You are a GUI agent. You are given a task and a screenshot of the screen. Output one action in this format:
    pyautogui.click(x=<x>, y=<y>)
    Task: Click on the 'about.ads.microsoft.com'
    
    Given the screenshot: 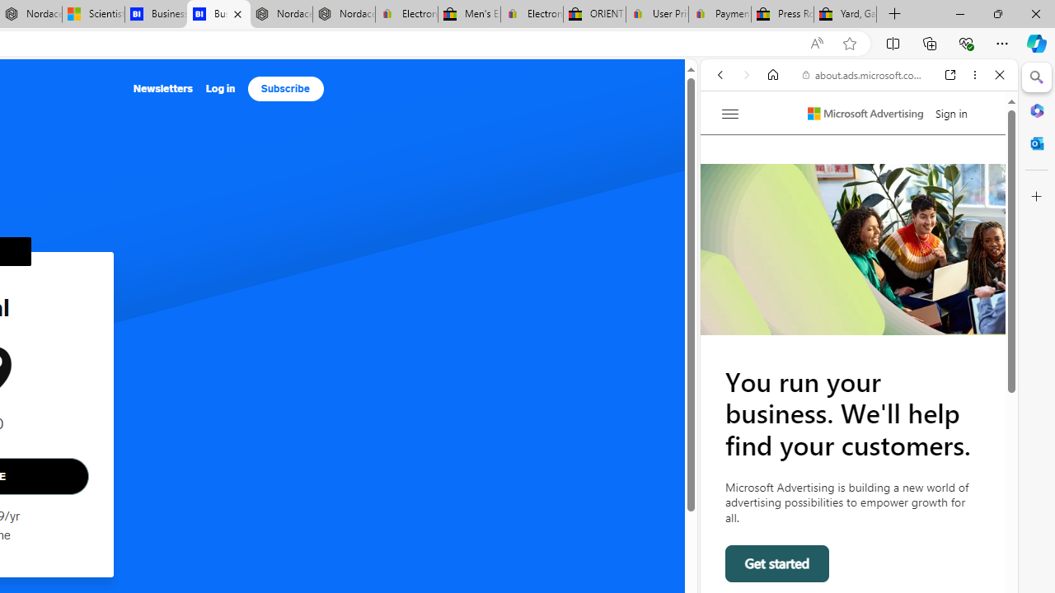 What is the action you would take?
    pyautogui.click(x=861, y=75)
    